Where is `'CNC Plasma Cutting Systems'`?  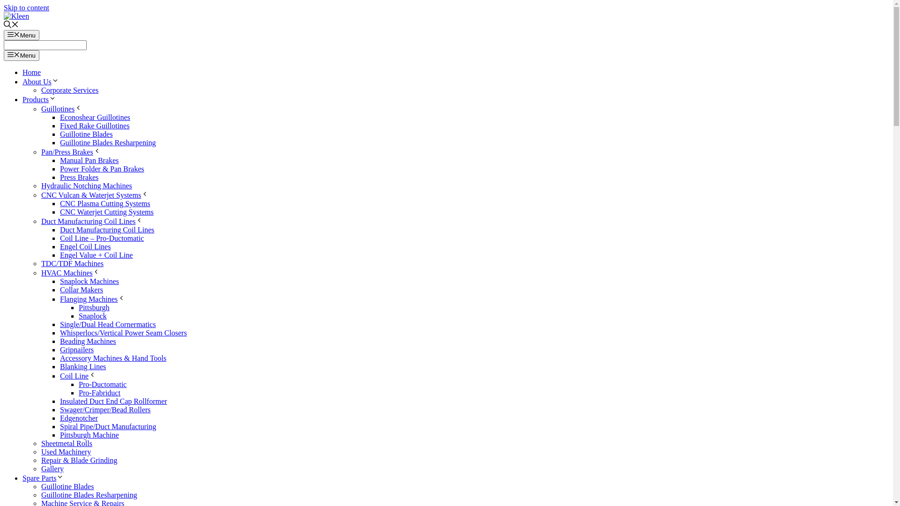 'CNC Plasma Cutting Systems' is located at coordinates (105, 203).